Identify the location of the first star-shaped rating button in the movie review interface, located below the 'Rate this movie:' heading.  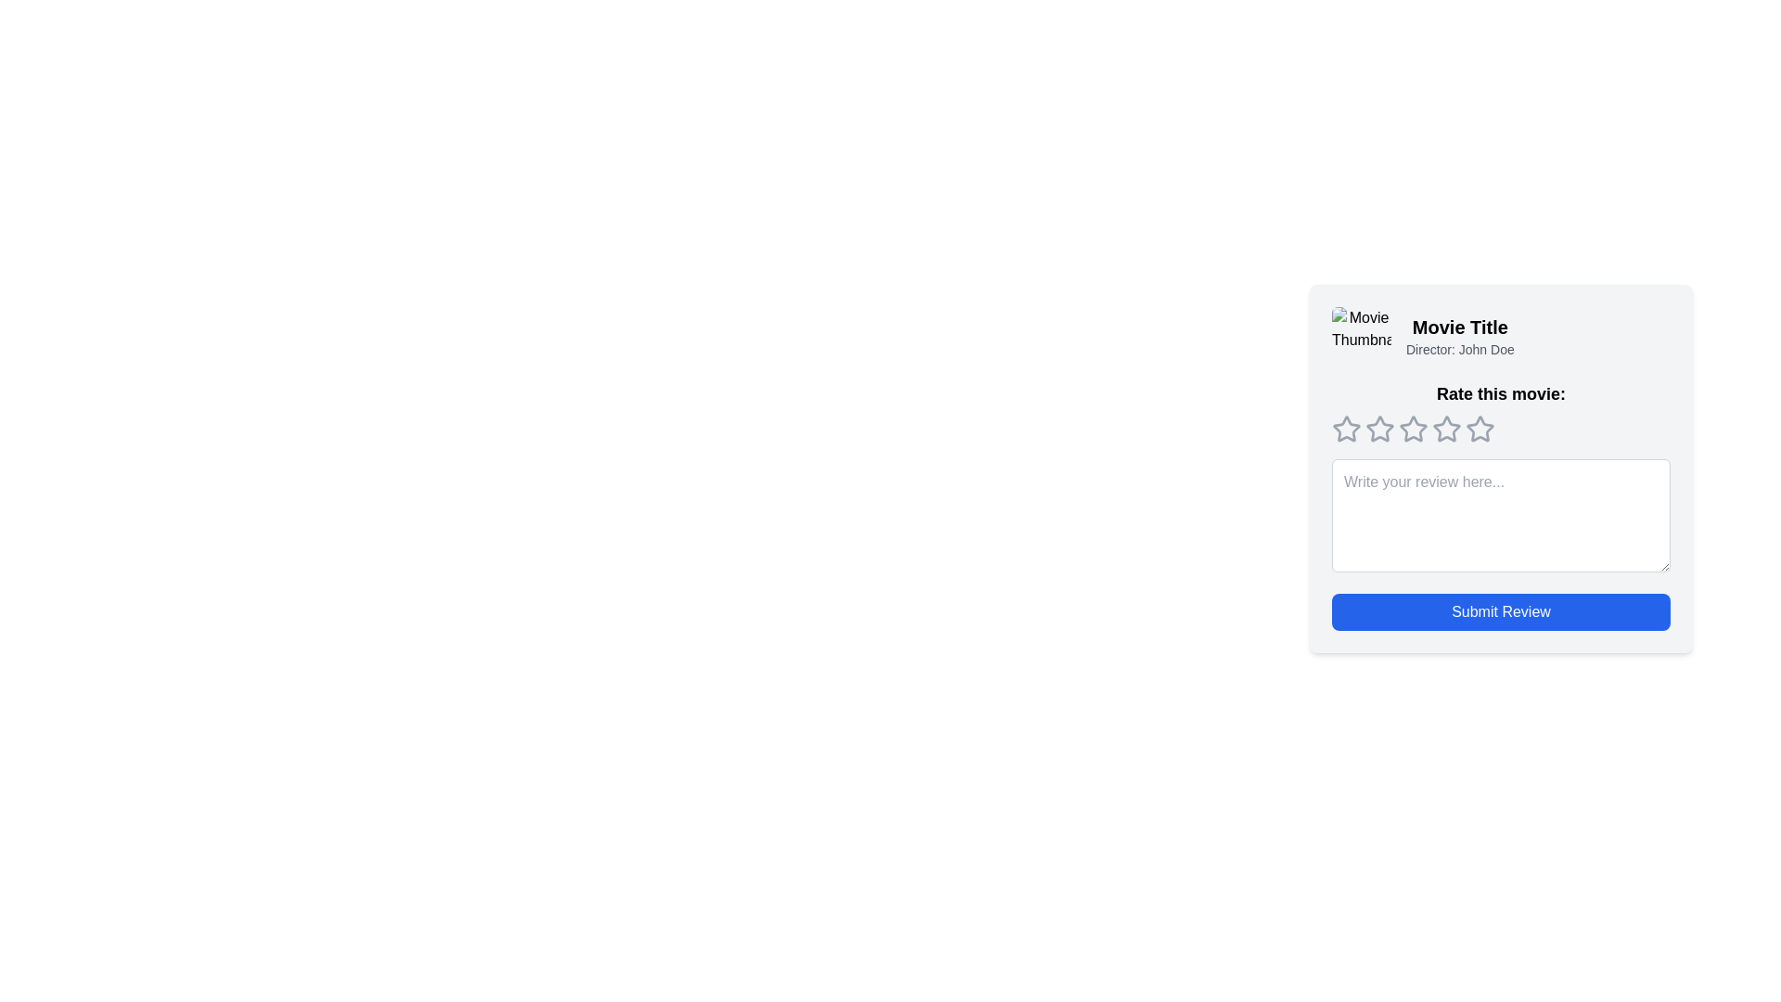
(1346, 429).